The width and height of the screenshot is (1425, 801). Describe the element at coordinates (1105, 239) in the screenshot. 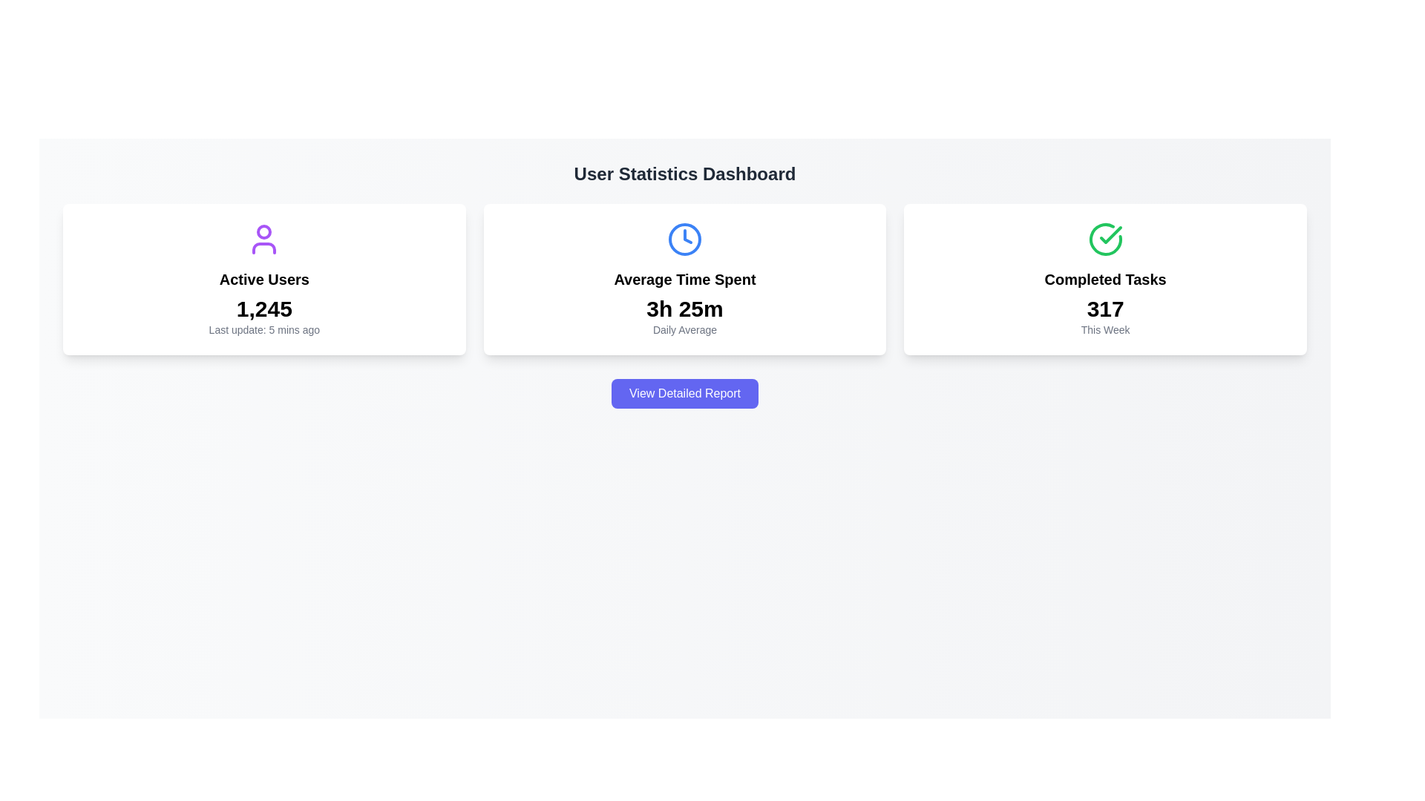

I see `the completion icon located at the top-center of the 'Completed Tasks' section, which indicates the completion of tasks` at that location.